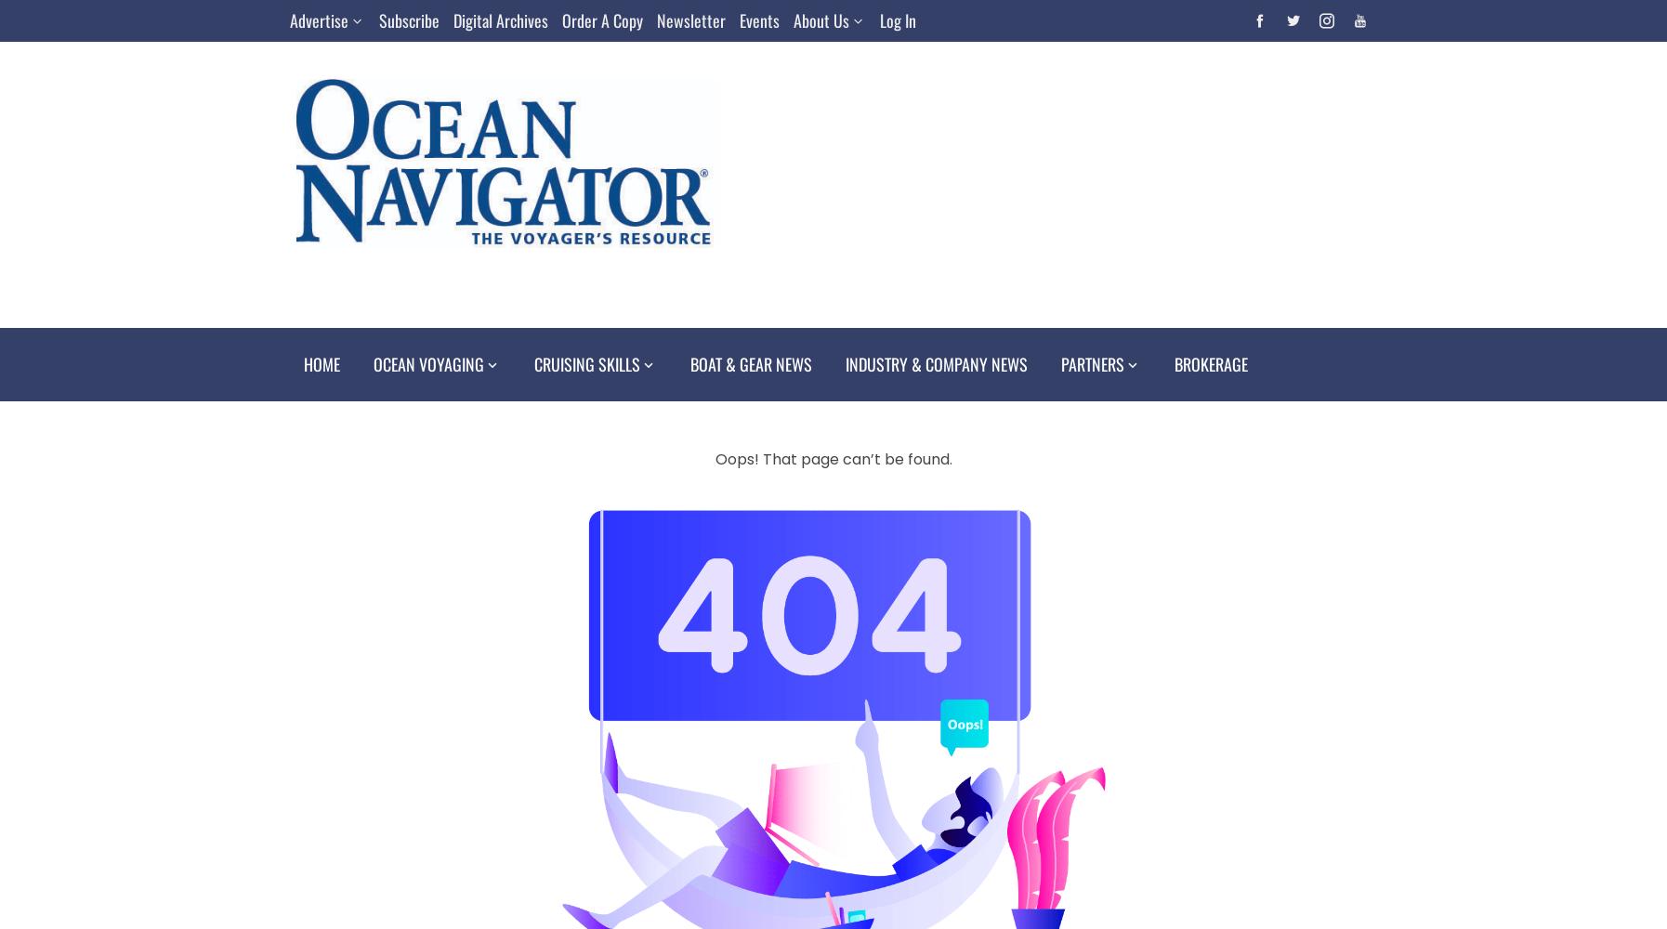 Image resolution: width=1667 pixels, height=929 pixels. I want to click on 'Brokerage', so click(1210, 364).